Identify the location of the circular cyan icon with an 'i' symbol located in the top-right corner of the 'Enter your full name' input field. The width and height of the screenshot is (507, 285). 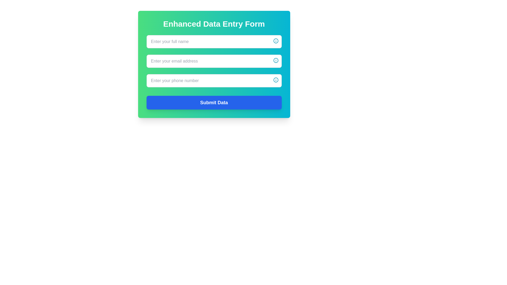
(275, 40).